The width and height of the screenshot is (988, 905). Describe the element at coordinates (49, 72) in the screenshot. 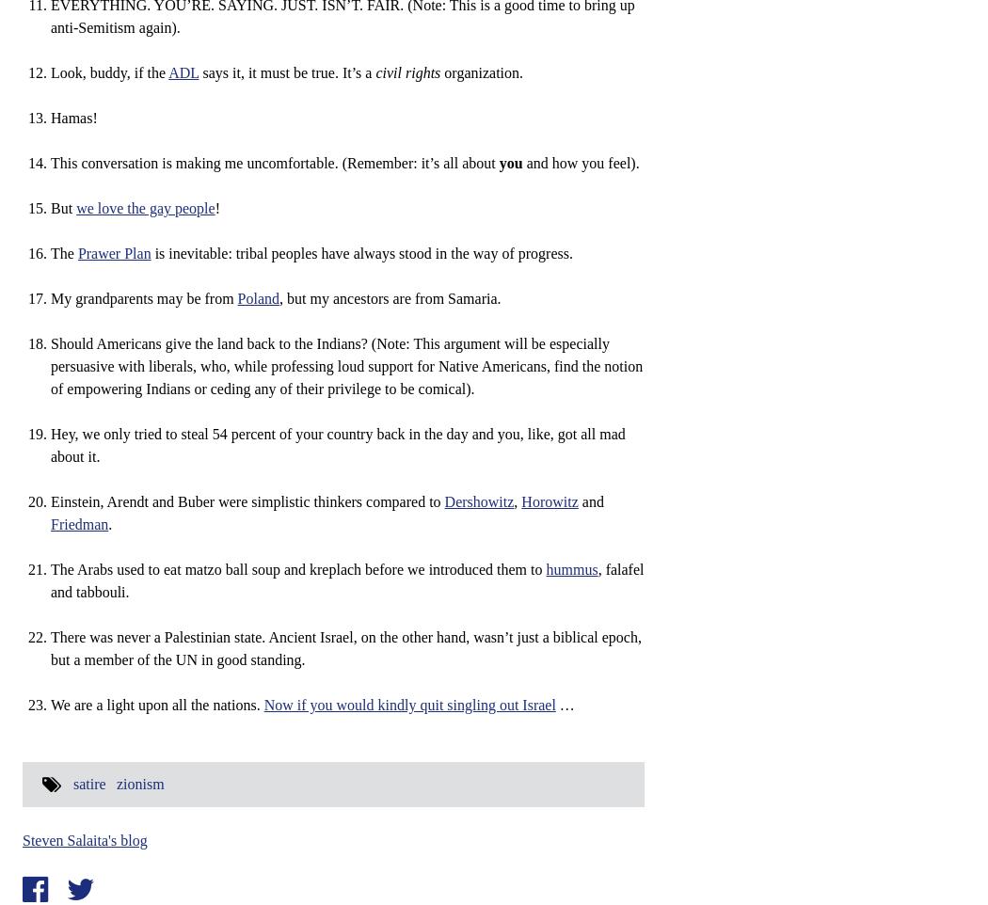

I see `'Look, buddy, if the'` at that location.